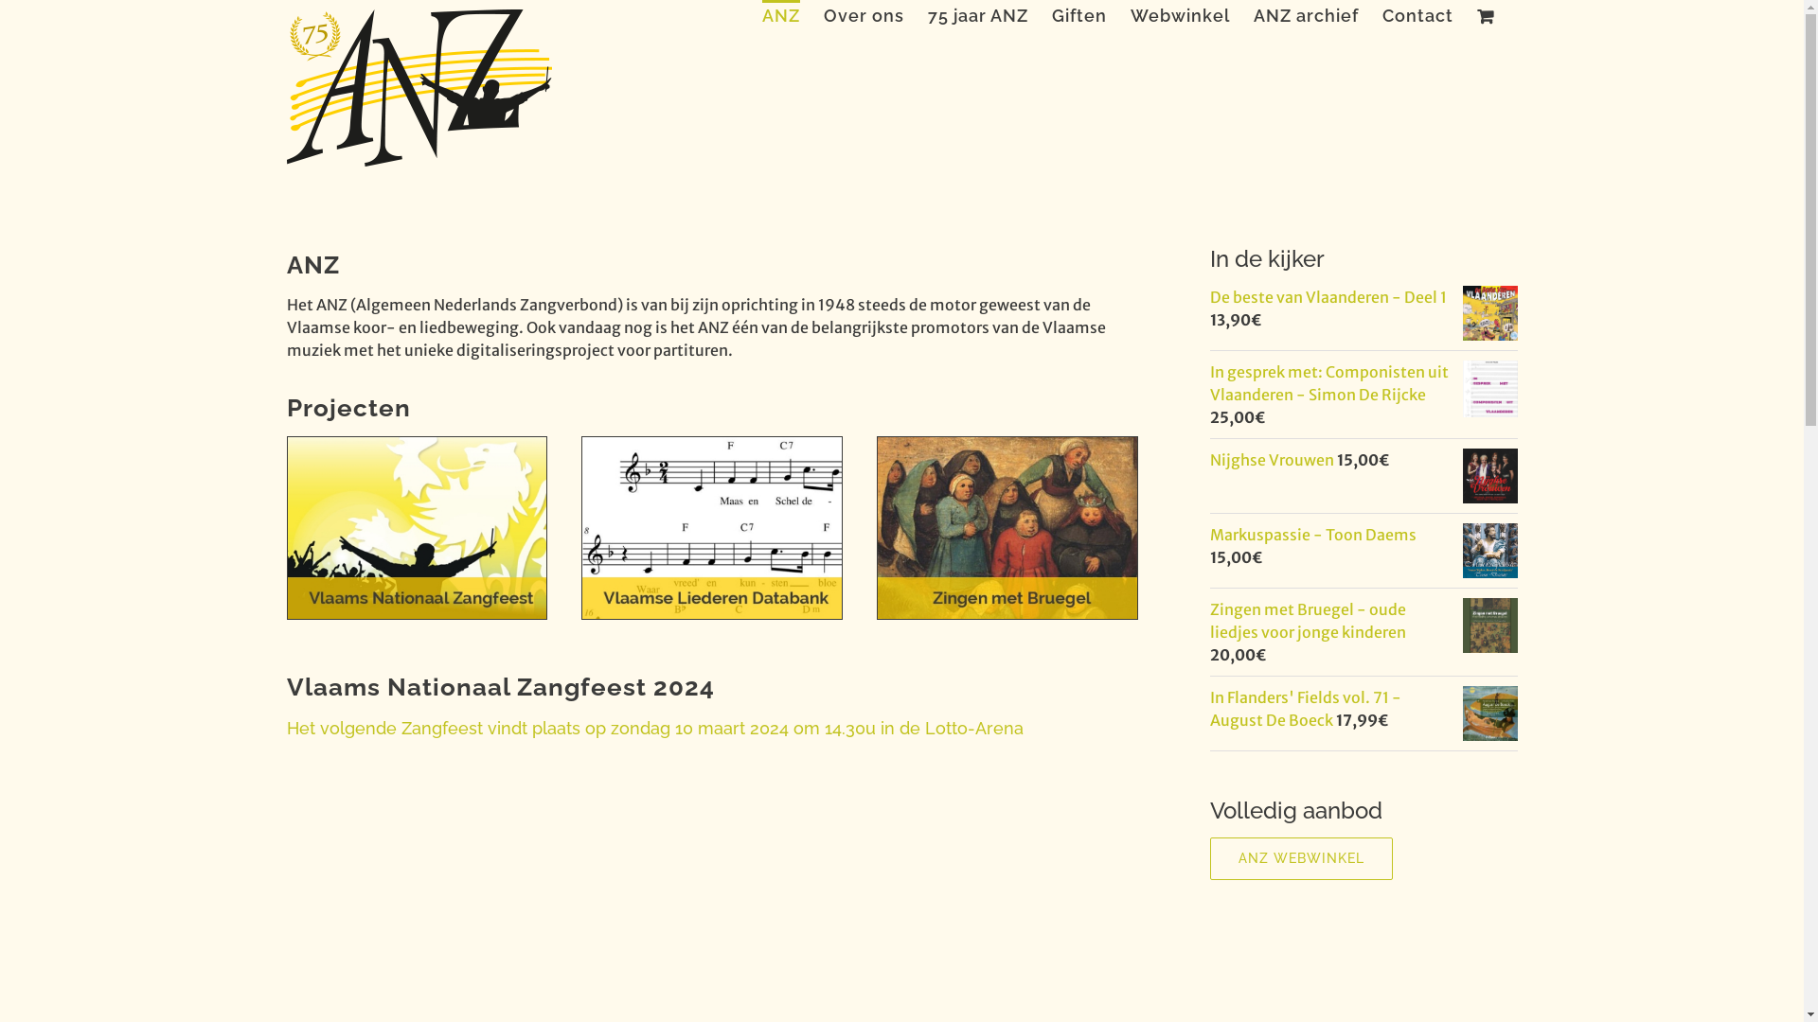 The height and width of the screenshot is (1022, 1818). I want to click on 'ANZ', so click(780, 14).